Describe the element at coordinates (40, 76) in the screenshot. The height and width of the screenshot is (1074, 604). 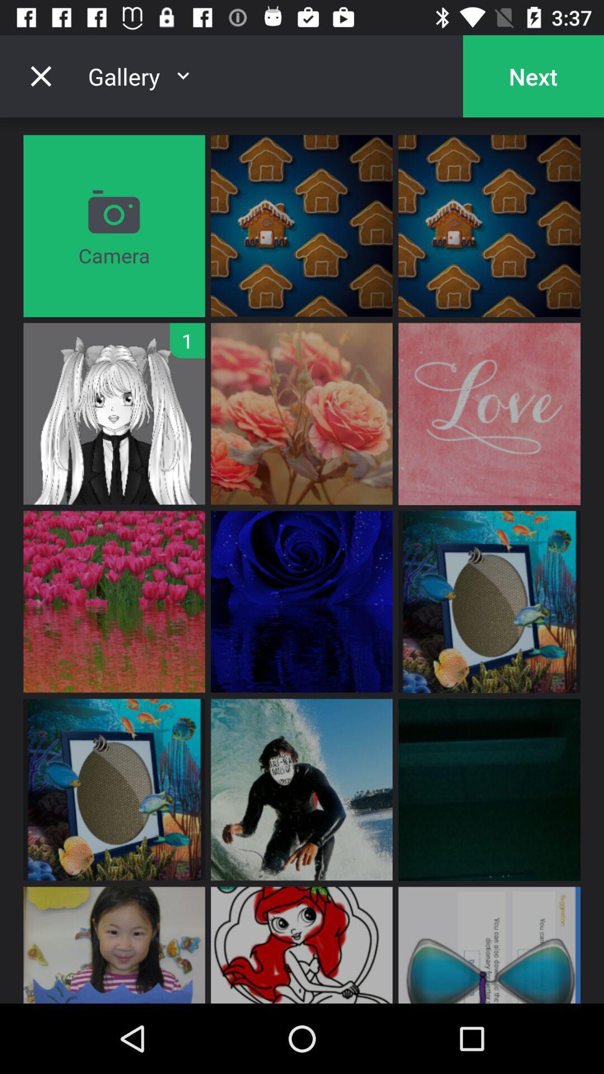
I see `exit out` at that location.